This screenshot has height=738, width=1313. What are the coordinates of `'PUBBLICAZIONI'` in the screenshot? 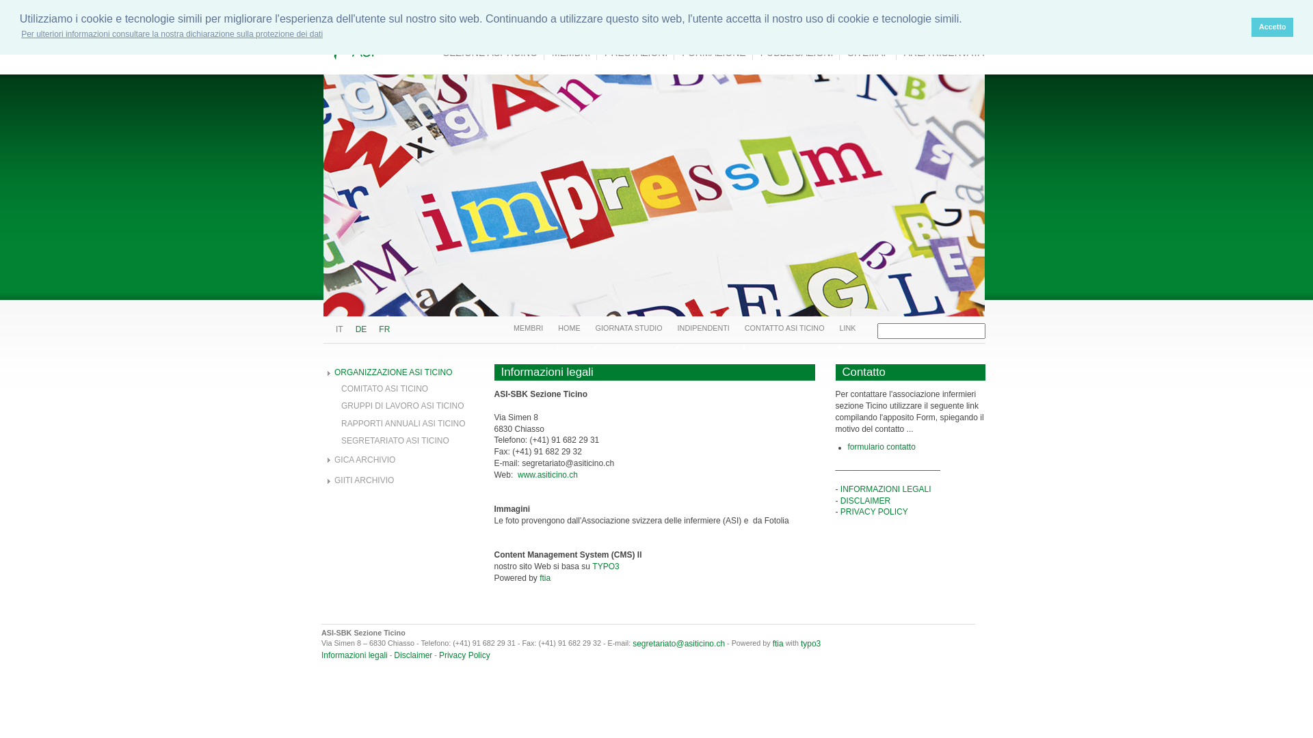 It's located at (754, 52).